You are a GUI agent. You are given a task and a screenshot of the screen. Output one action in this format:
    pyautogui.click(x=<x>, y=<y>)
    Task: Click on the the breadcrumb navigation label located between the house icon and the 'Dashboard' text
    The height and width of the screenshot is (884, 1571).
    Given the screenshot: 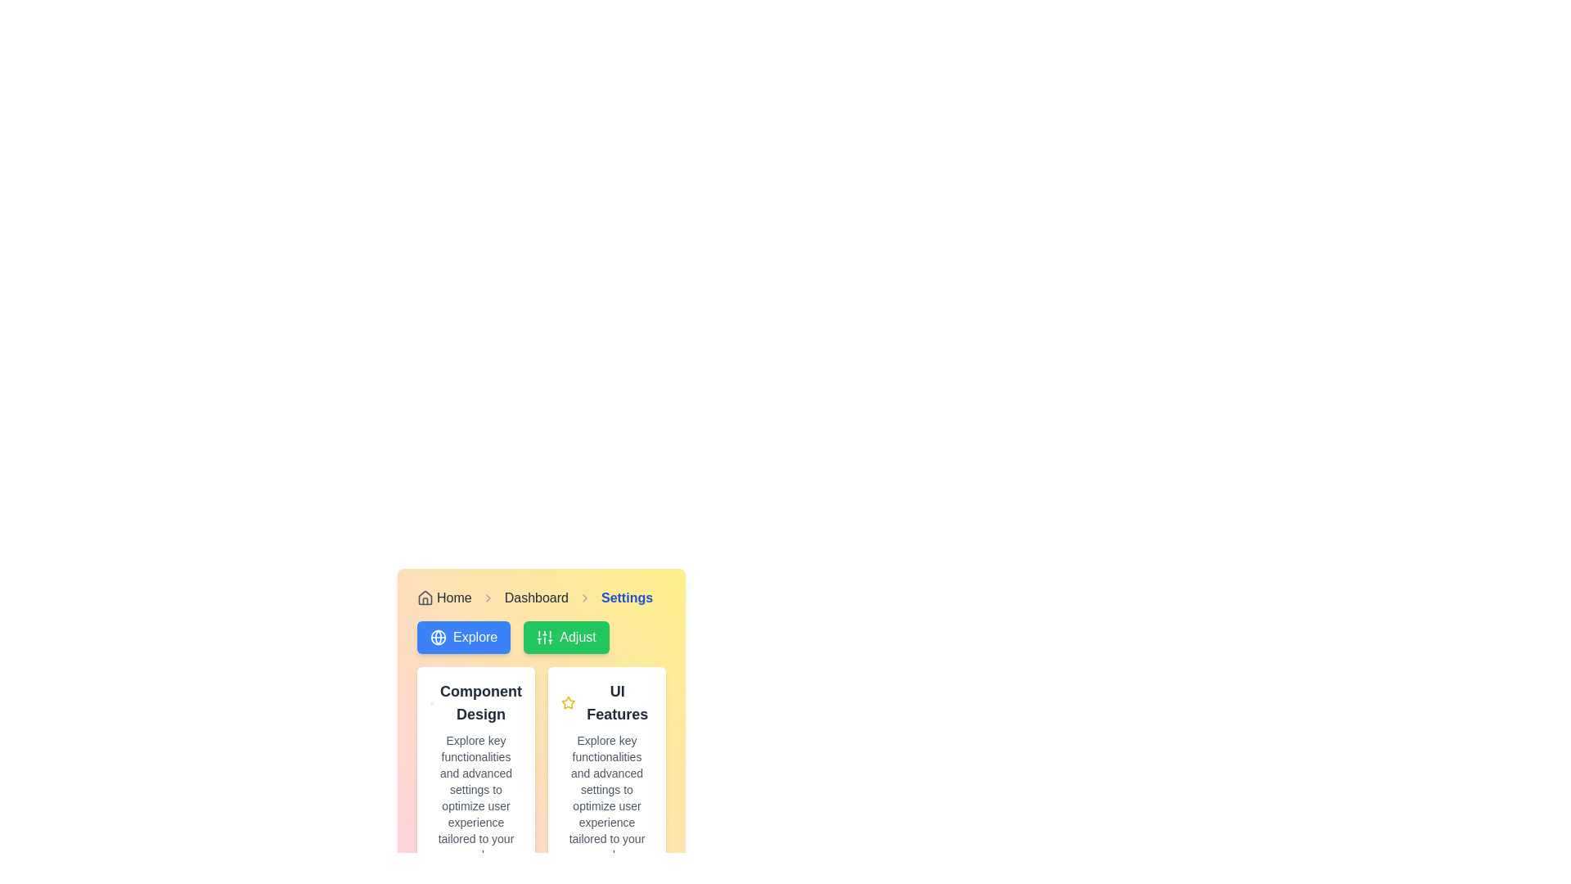 What is the action you would take?
    pyautogui.click(x=454, y=598)
    